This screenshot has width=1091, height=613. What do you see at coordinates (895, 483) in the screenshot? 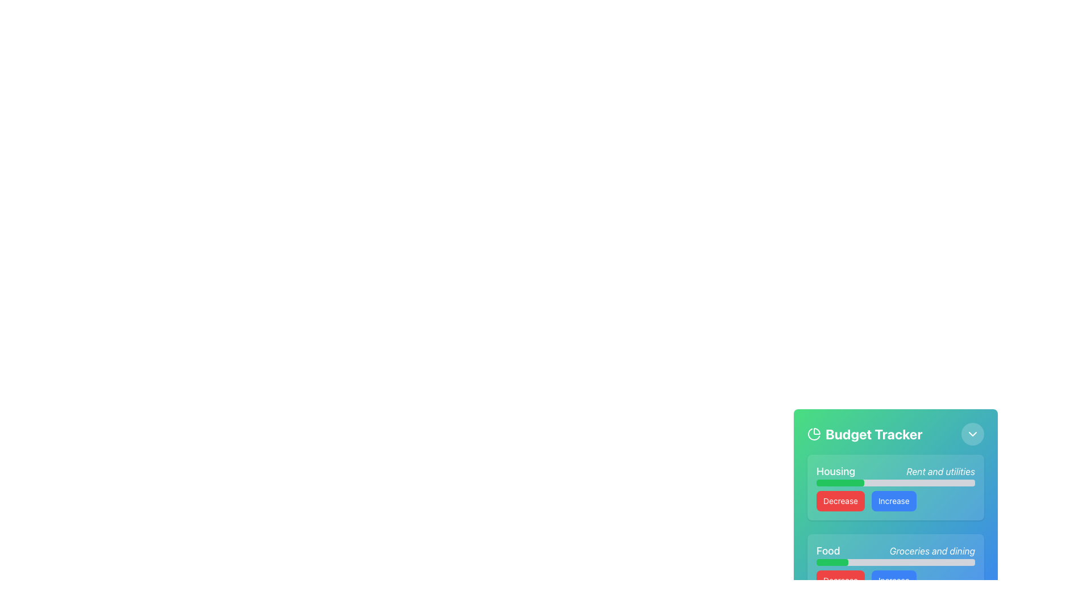
I see `the progress bar located under the 'Housing' section, specifically below the text 'Housing' and 'Rent and utilities'. This is the sole progress bar in this group that visually represents a value or percentage related to housing budget or utilities` at bounding box center [895, 483].